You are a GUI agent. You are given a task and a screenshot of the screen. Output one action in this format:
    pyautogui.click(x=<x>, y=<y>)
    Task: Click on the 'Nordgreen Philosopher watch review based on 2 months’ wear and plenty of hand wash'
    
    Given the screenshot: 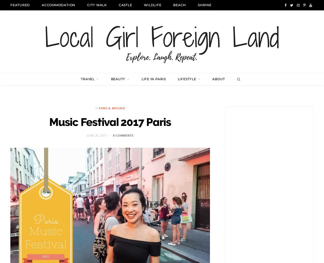 What is the action you would take?
    pyautogui.click(x=99, y=140)
    